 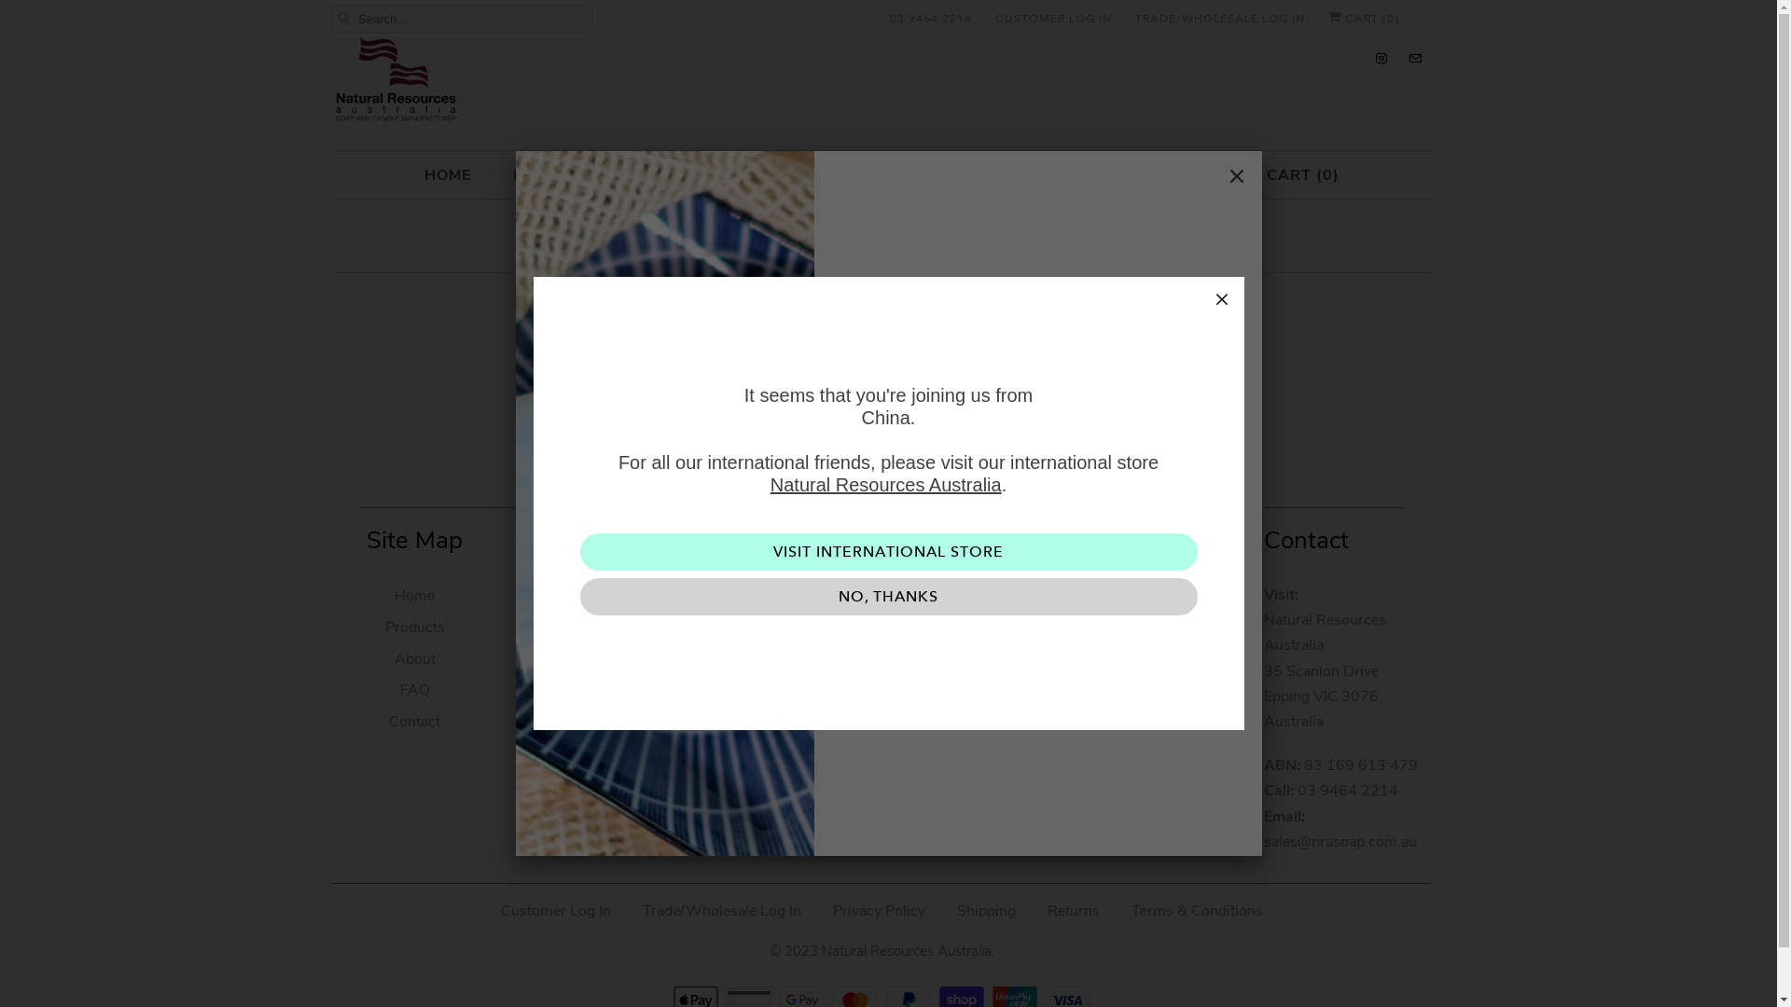 I want to click on 'Natural Resources Australia', so click(x=885, y=484).